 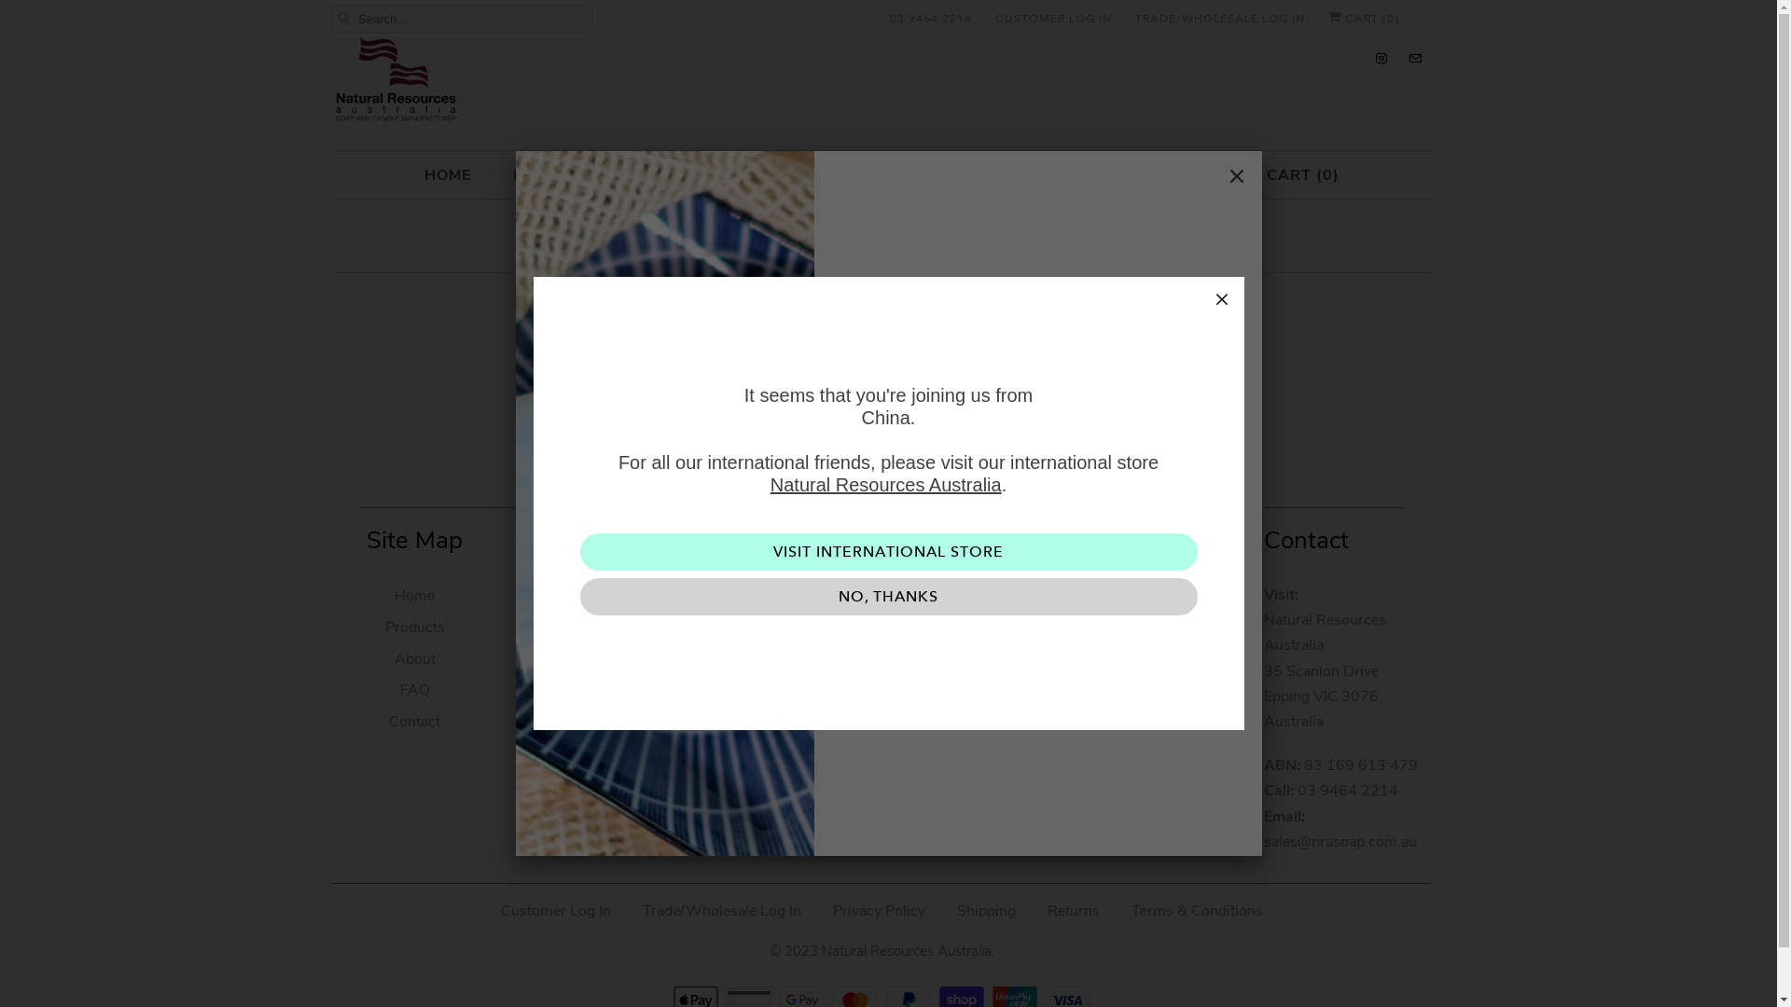 I want to click on 'Natural Resources Australia', so click(x=885, y=484).